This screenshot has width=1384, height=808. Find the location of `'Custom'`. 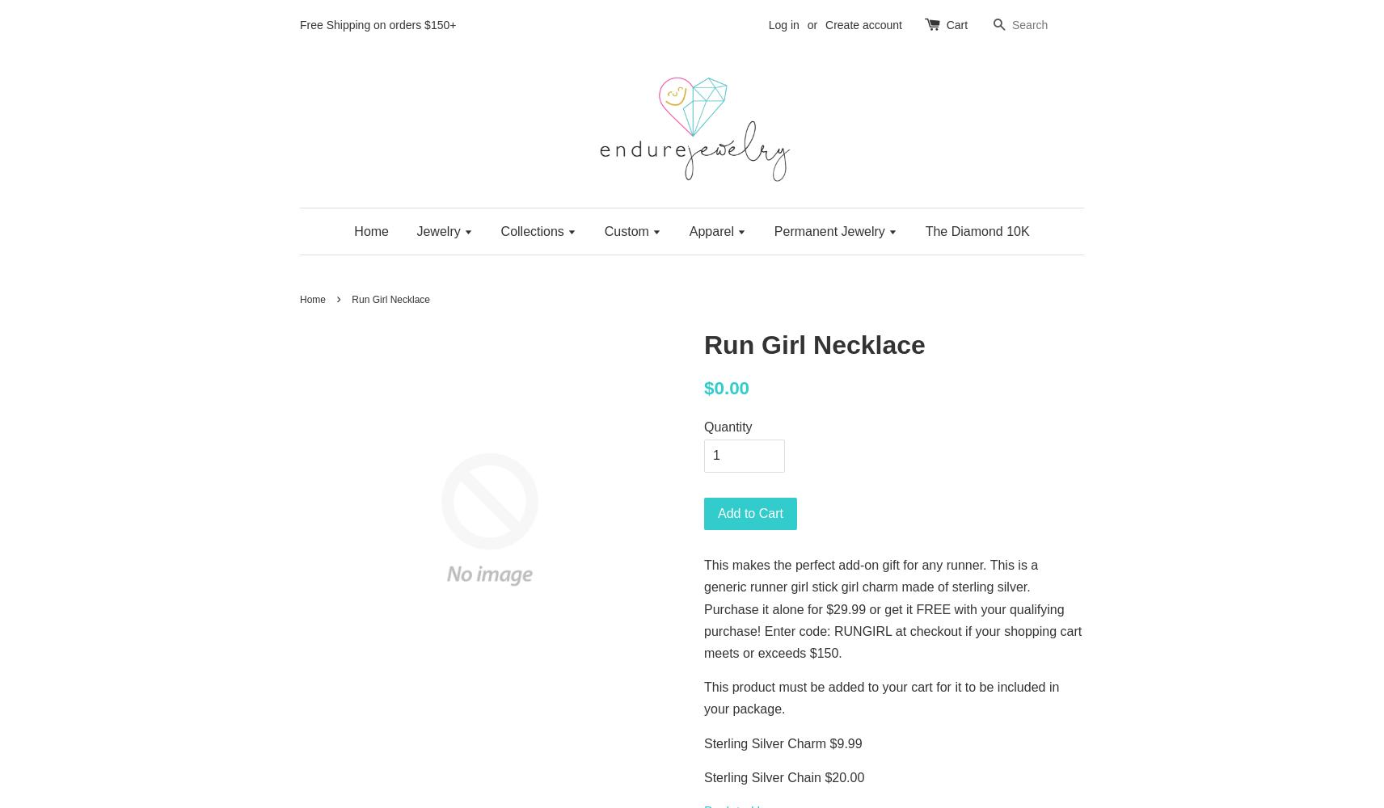

'Custom' is located at coordinates (628, 230).